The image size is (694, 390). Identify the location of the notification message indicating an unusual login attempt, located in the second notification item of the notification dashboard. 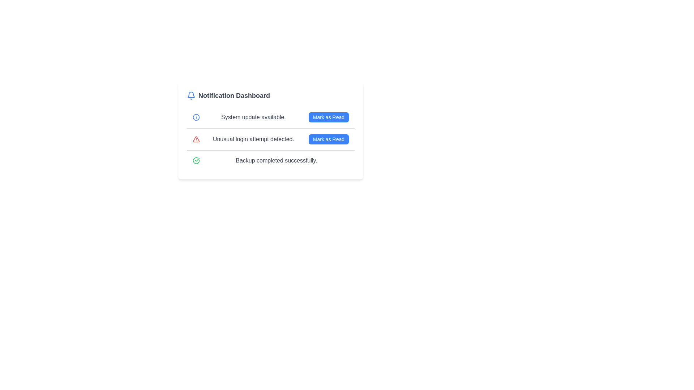
(253, 139).